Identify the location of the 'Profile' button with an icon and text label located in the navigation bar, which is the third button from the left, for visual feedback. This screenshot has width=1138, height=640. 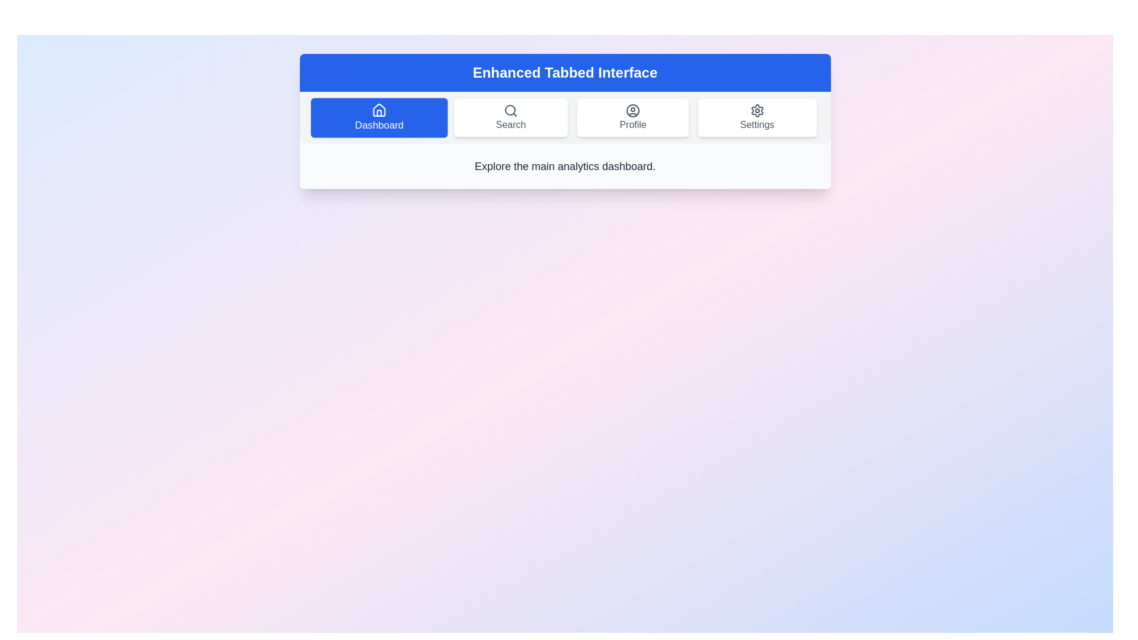
(632, 118).